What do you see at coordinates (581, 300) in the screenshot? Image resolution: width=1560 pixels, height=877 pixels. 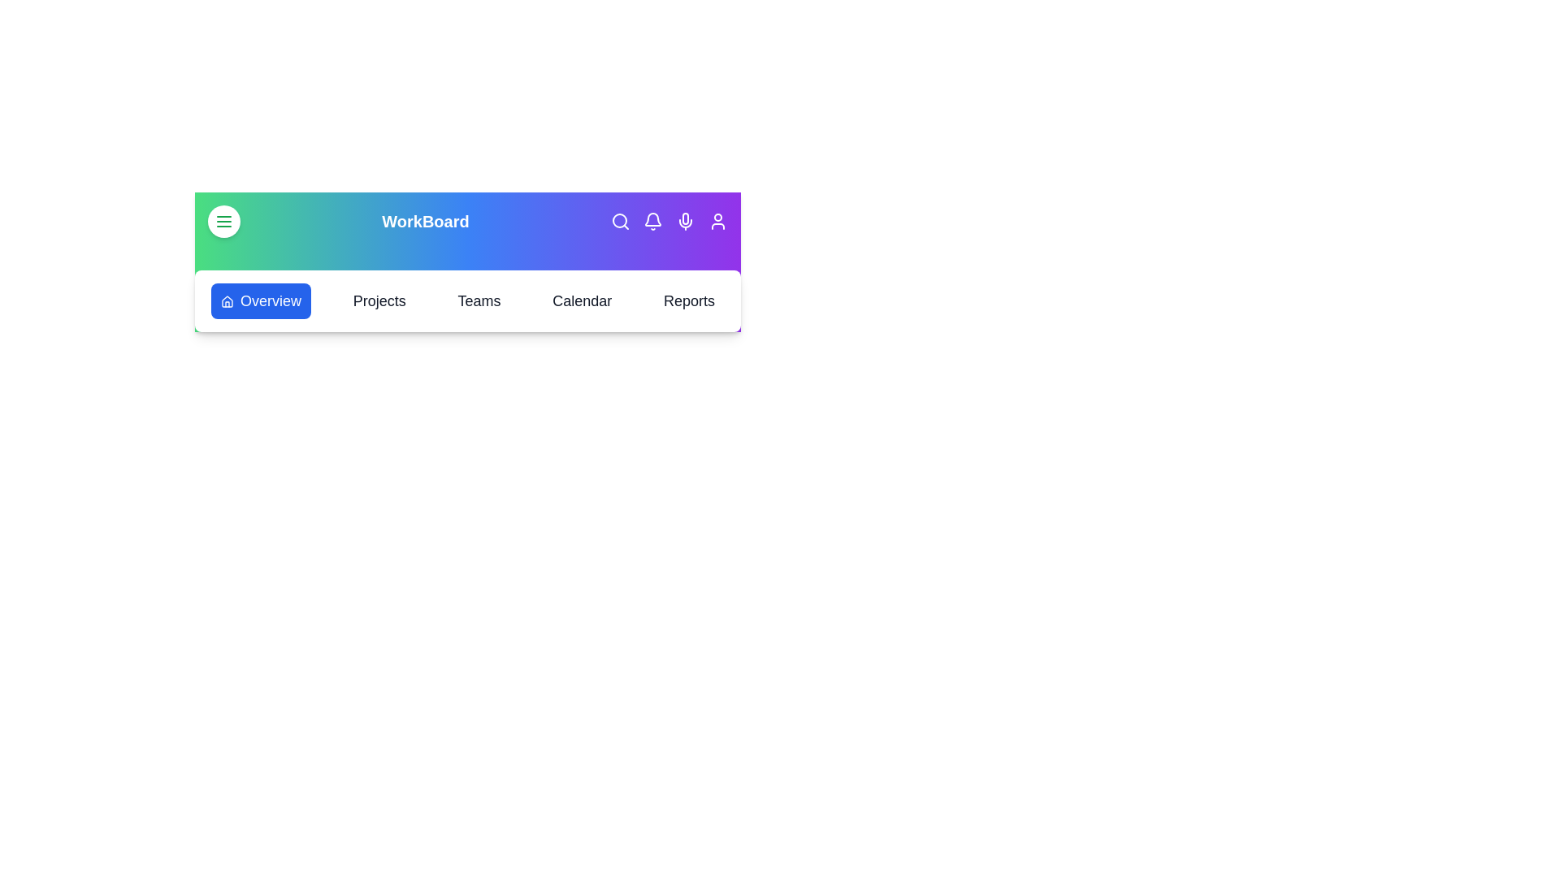 I see `the tab labeled Calendar from the navigation bar` at bounding box center [581, 300].